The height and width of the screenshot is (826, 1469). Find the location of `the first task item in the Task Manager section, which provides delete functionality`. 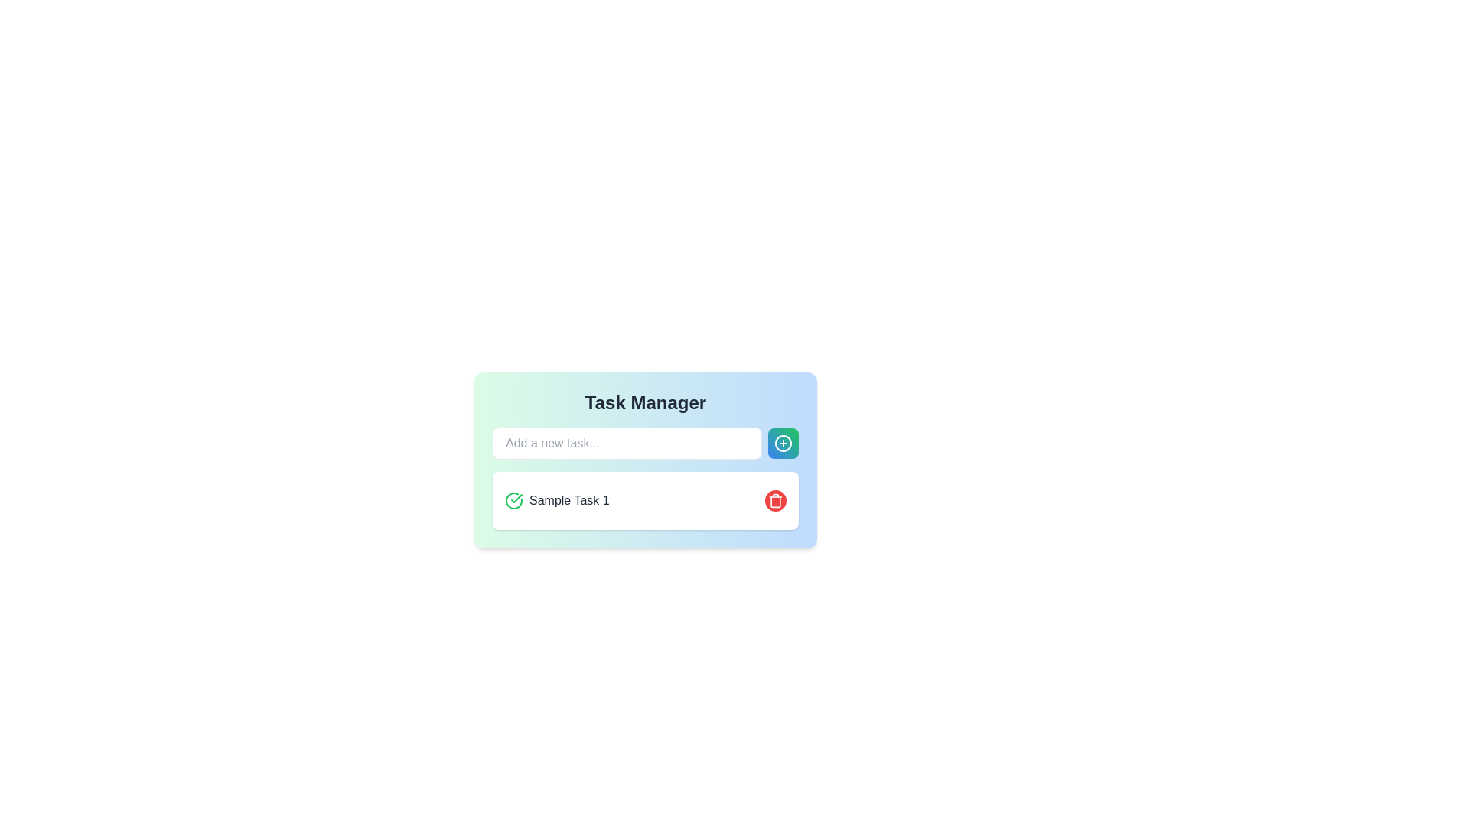

the first task item in the Task Manager section, which provides delete functionality is located at coordinates (646, 501).